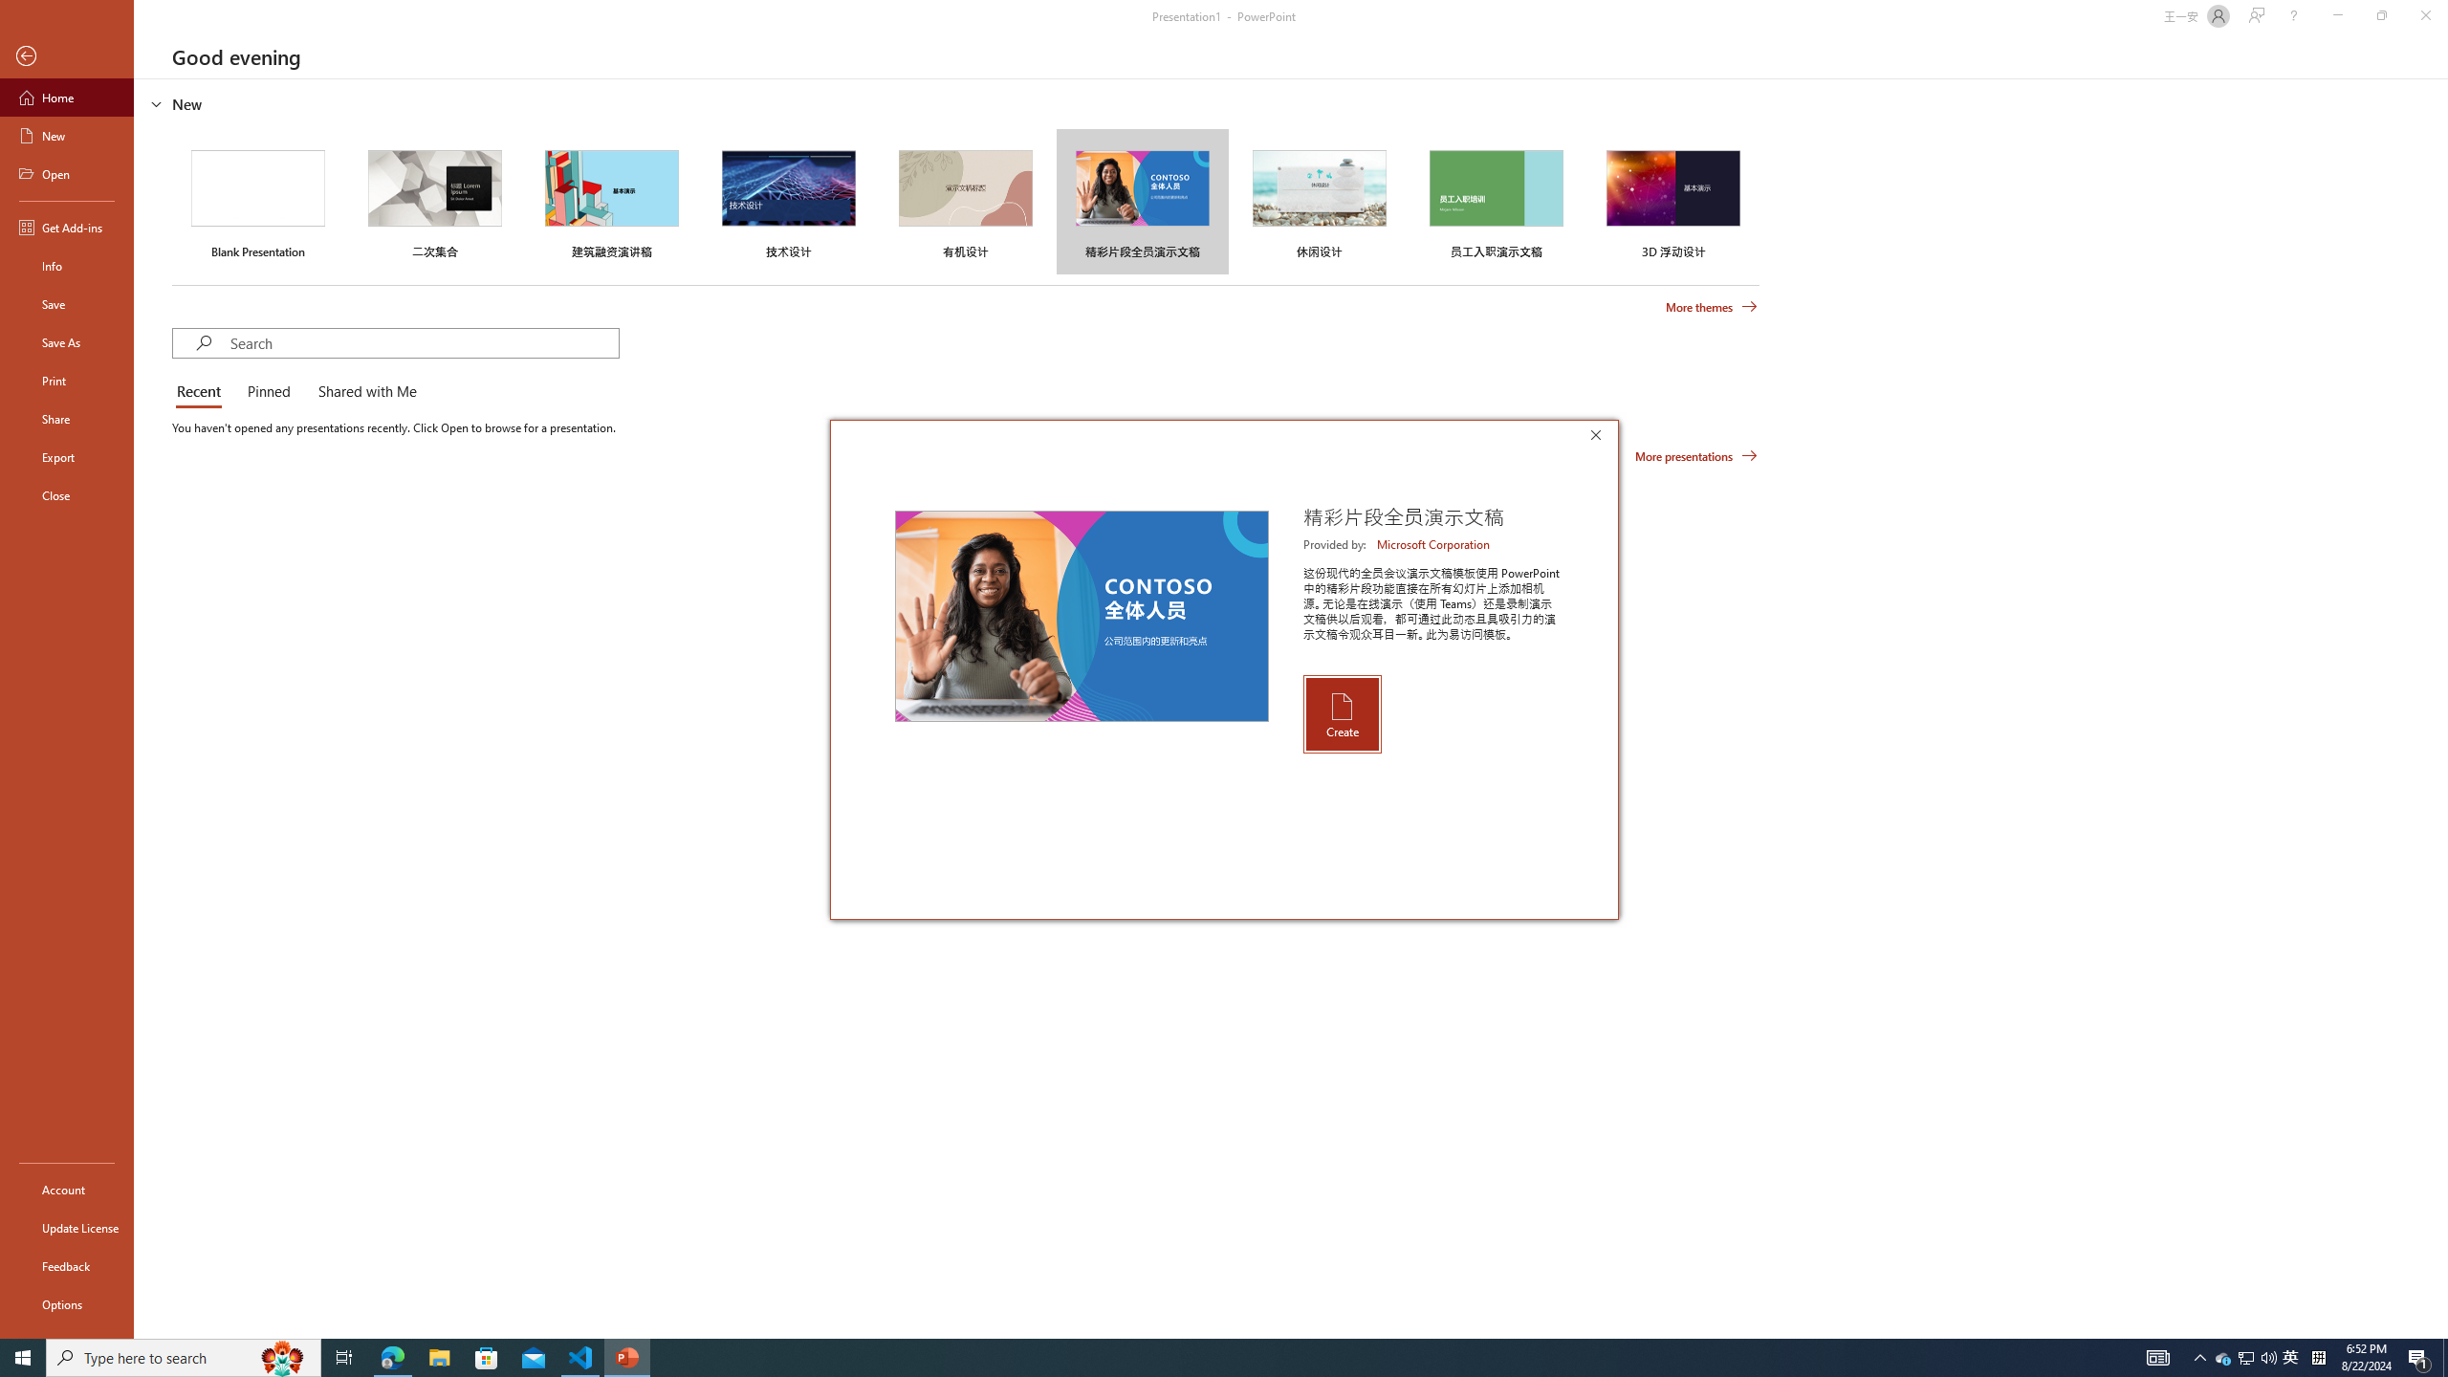 The height and width of the screenshot is (1377, 2448). Describe the element at coordinates (66, 380) in the screenshot. I see `'Print'` at that location.